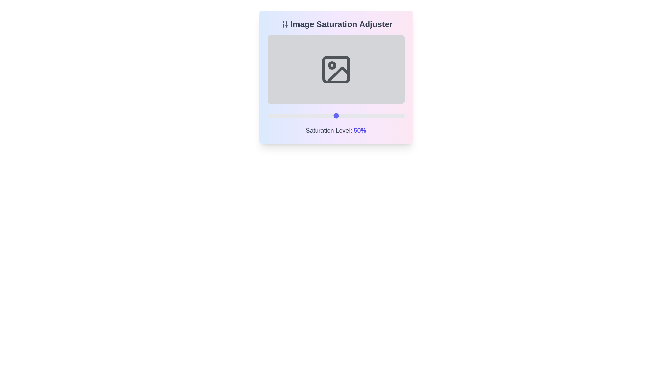  What do you see at coordinates (268, 115) in the screenshot?
I see `the saturation level to 1% by interacting with the slider` at bounding box center [268, 115].